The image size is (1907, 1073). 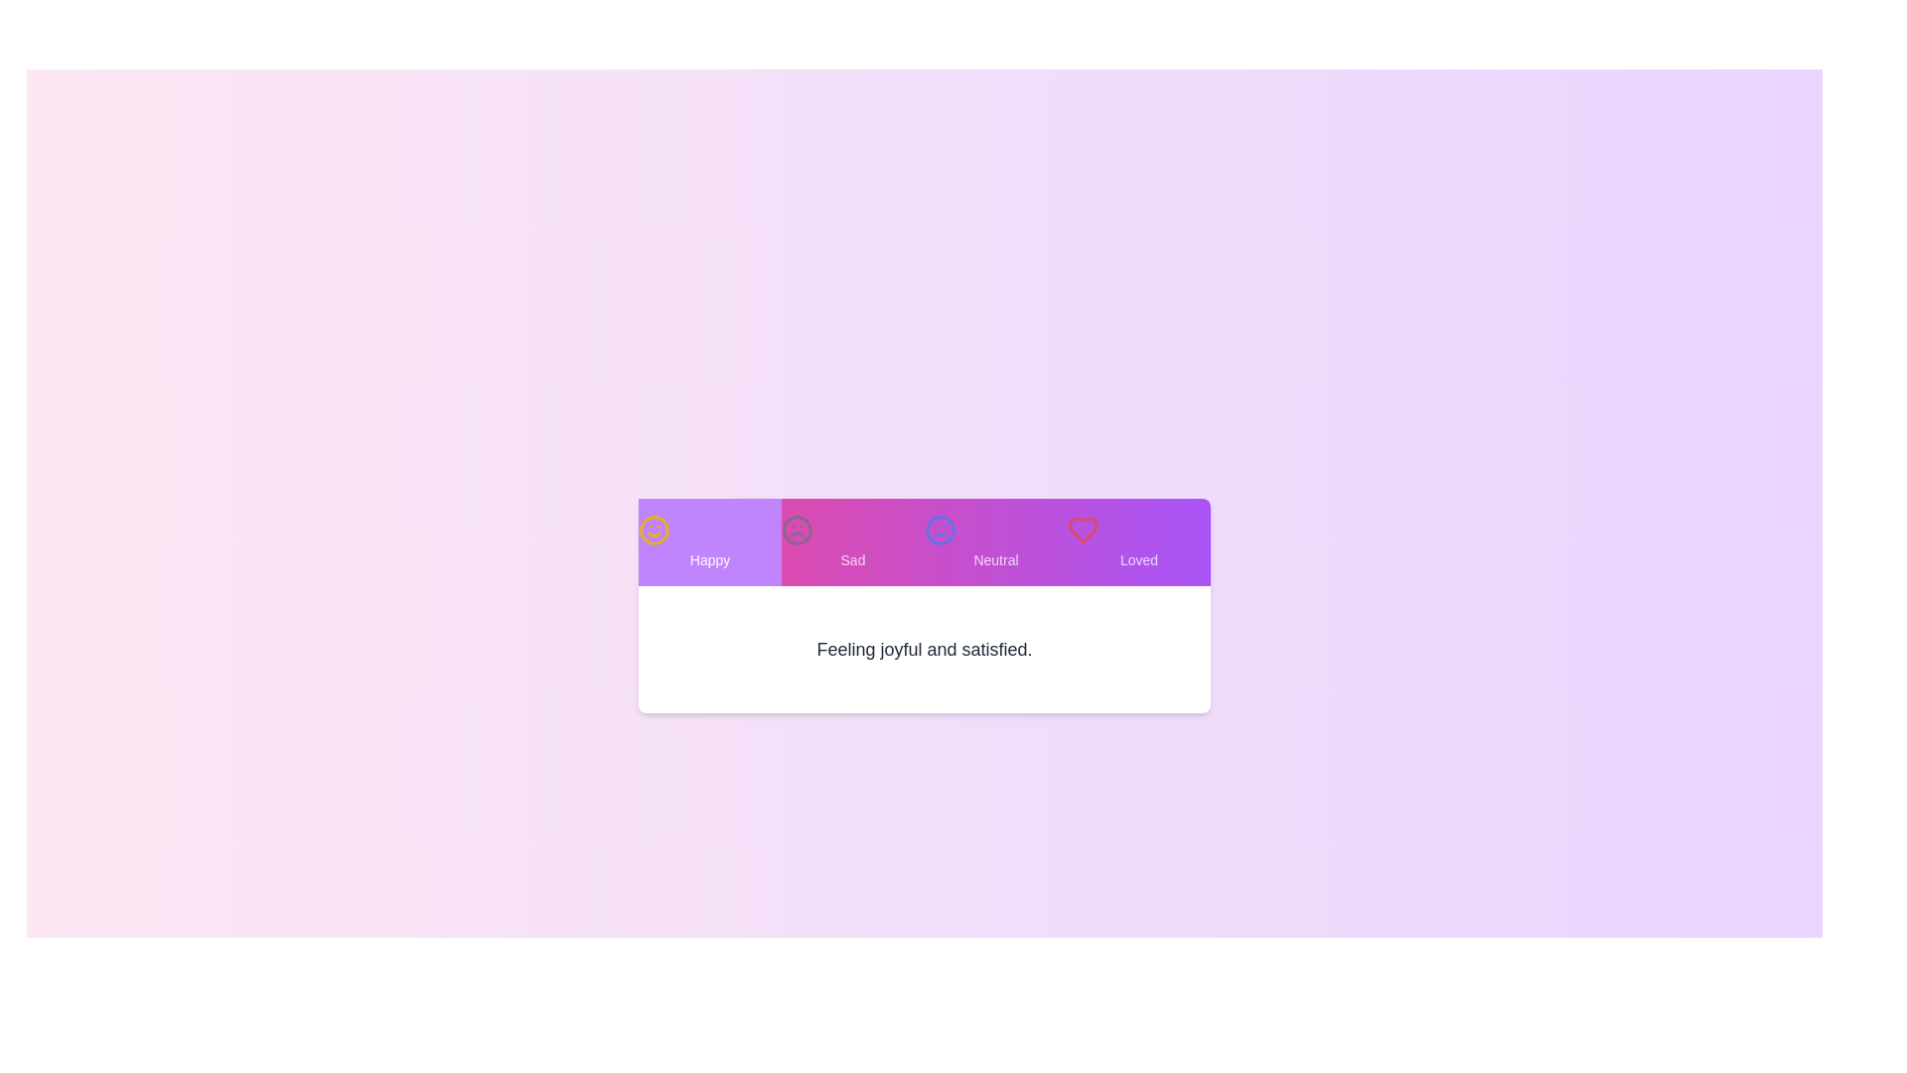 I want to click on the mood button labeled Neutral to select it, so click(x=996, y=542).